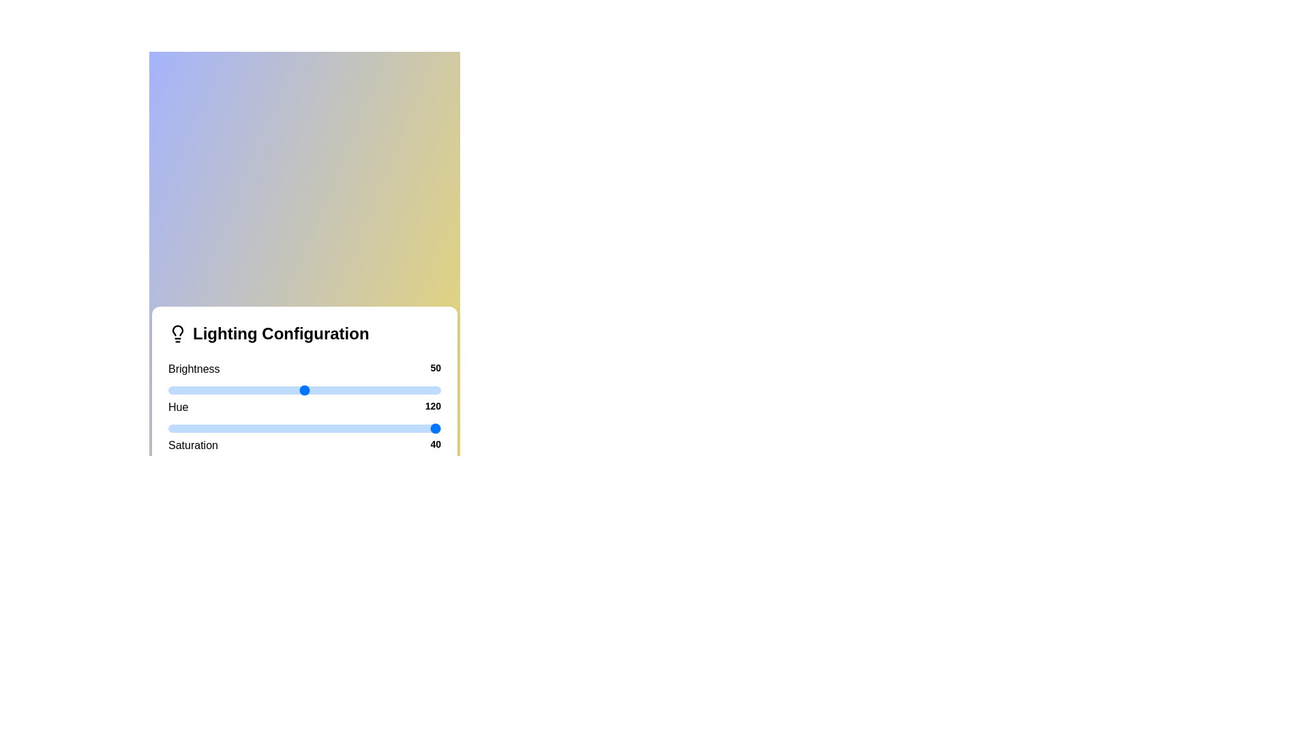 The width and height of the screenshot is (1309, 736). Describe the element at coordinates (258, 390) in the screenshot. I see `the brightness slider to 33 percent` at that location.